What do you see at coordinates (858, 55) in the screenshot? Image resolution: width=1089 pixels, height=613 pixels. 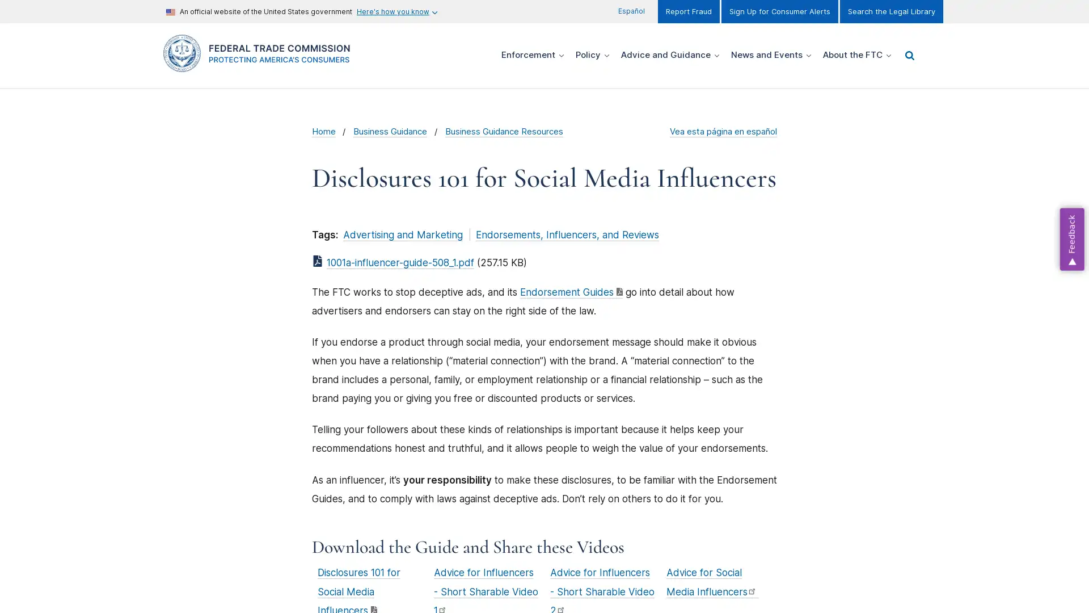 I see `Show/hide About the FTC menu items` at bounding box center [858, 55].